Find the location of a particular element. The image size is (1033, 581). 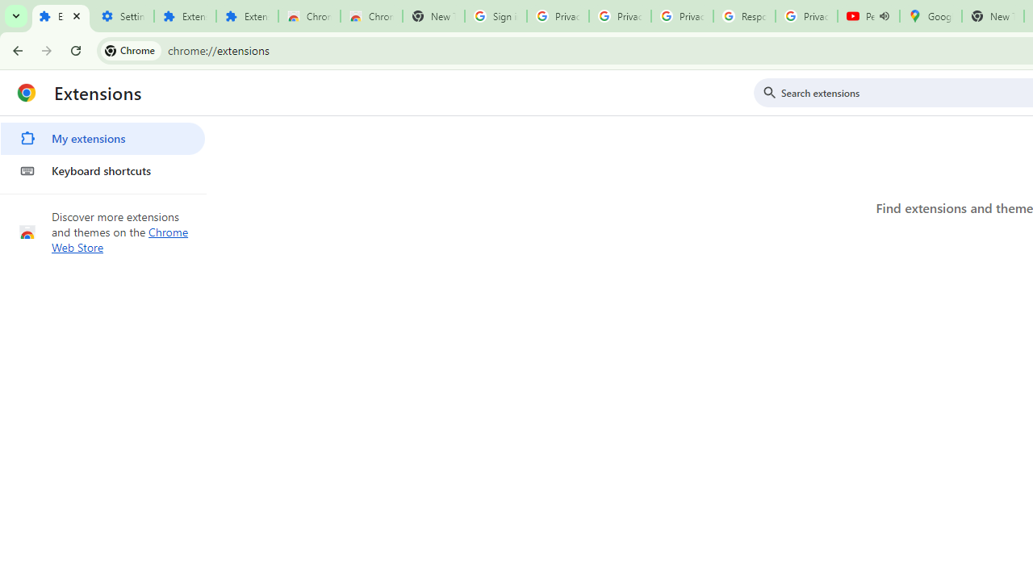

'My extensions' is located at coordinates (102, 138).